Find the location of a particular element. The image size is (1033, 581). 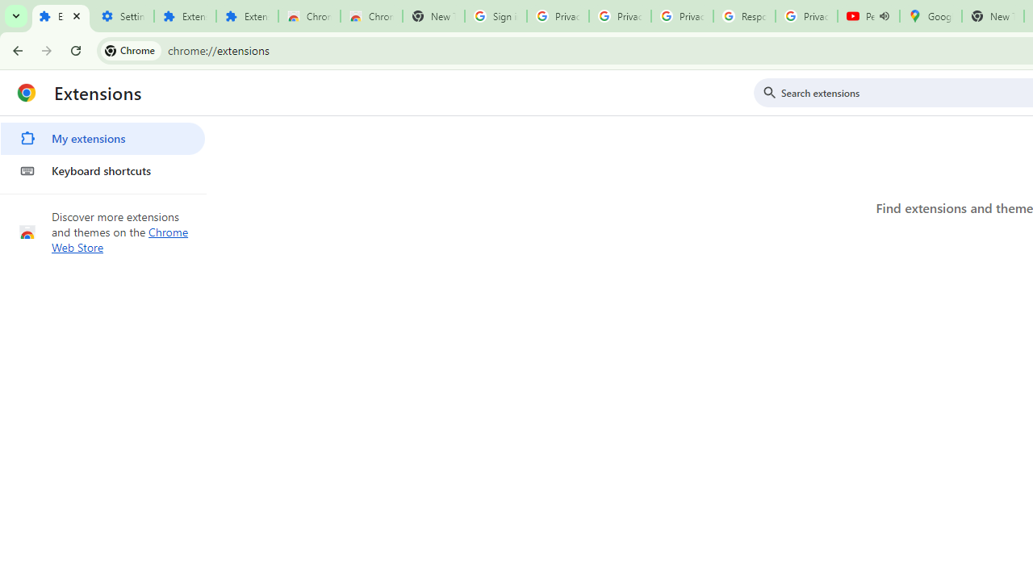

'My extensions' is located at coordinates (102, 138).